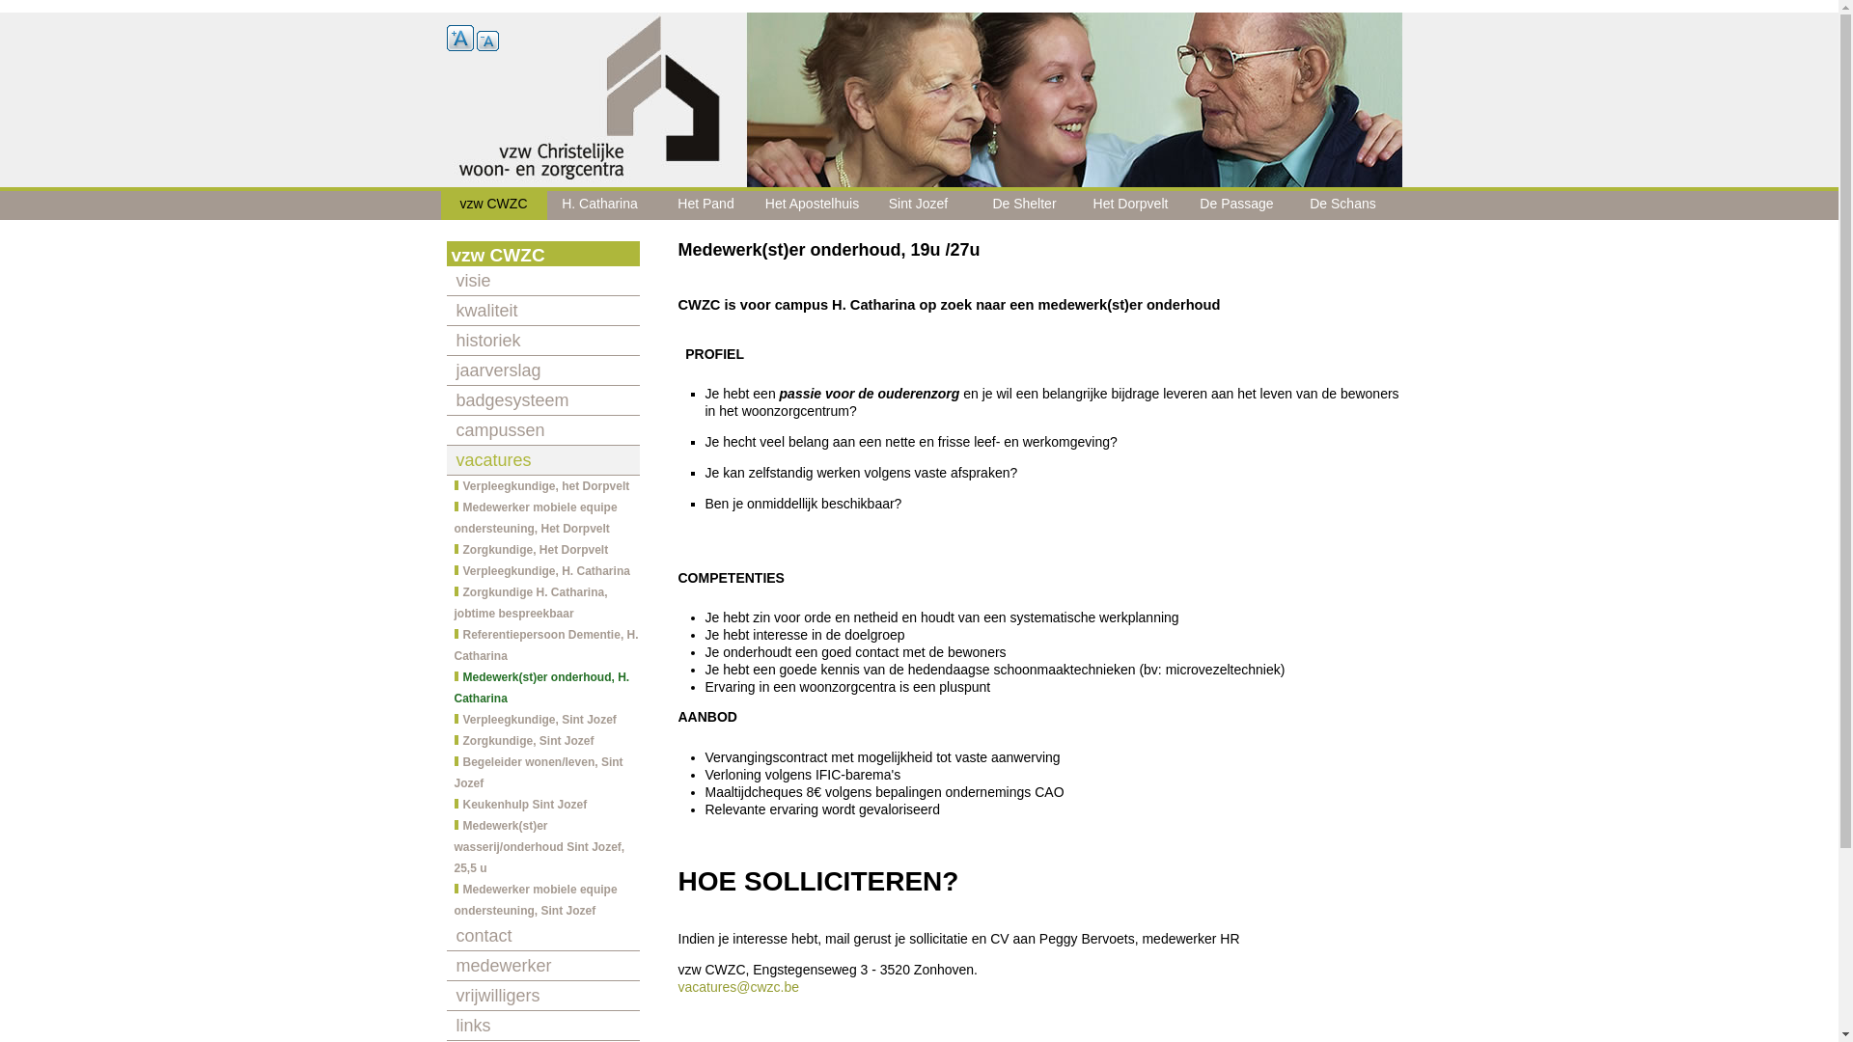 This screenshot has width=1853, height=1042. I want to click on 'jaarverslag', so click(540, 370).